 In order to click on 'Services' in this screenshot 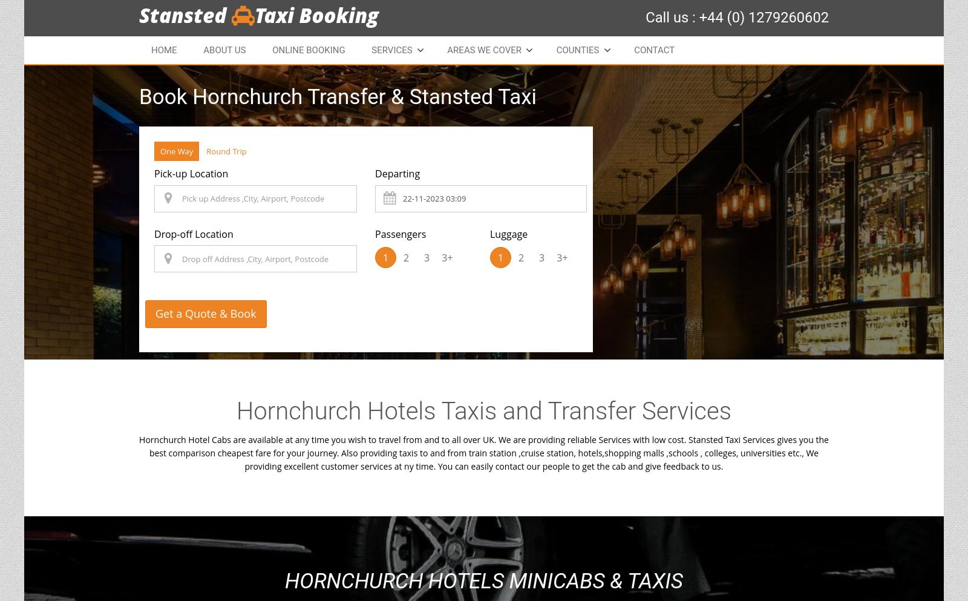, I will do `click(391, 50)`.